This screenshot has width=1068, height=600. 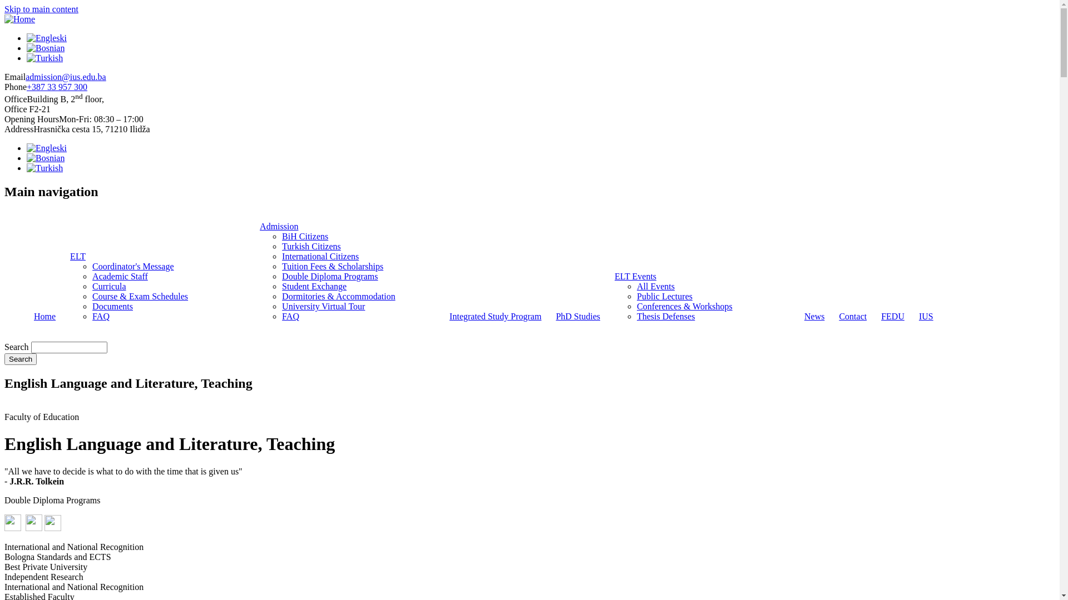 I want to click on 'Curricula', so click(x=109, y=286).